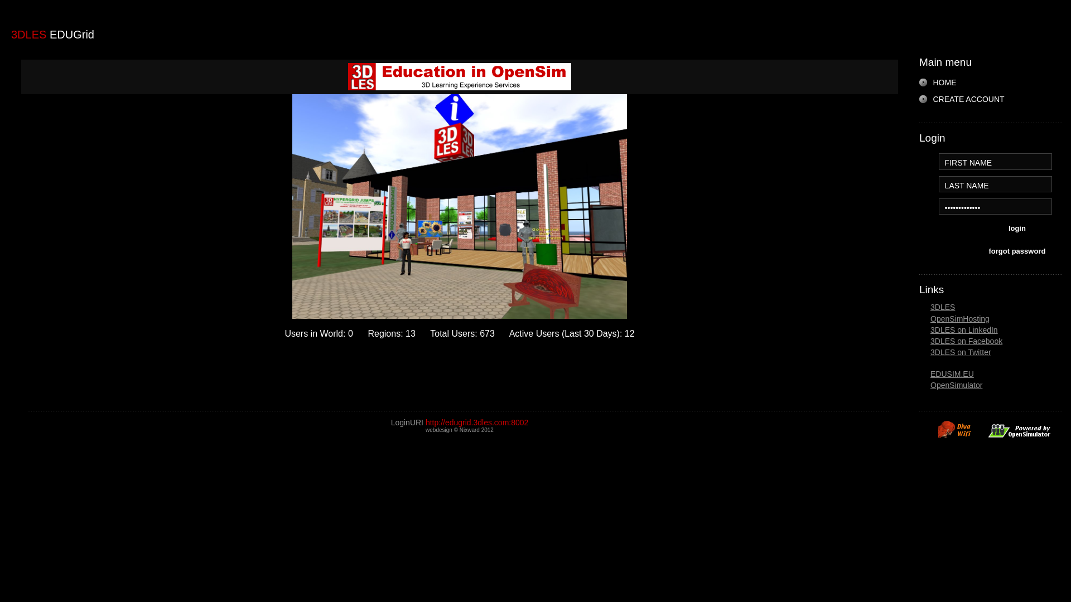 The height and width of the screenshot is (602, 1071). I want to click on 'EDUSIM.EU', so click(952, 374).